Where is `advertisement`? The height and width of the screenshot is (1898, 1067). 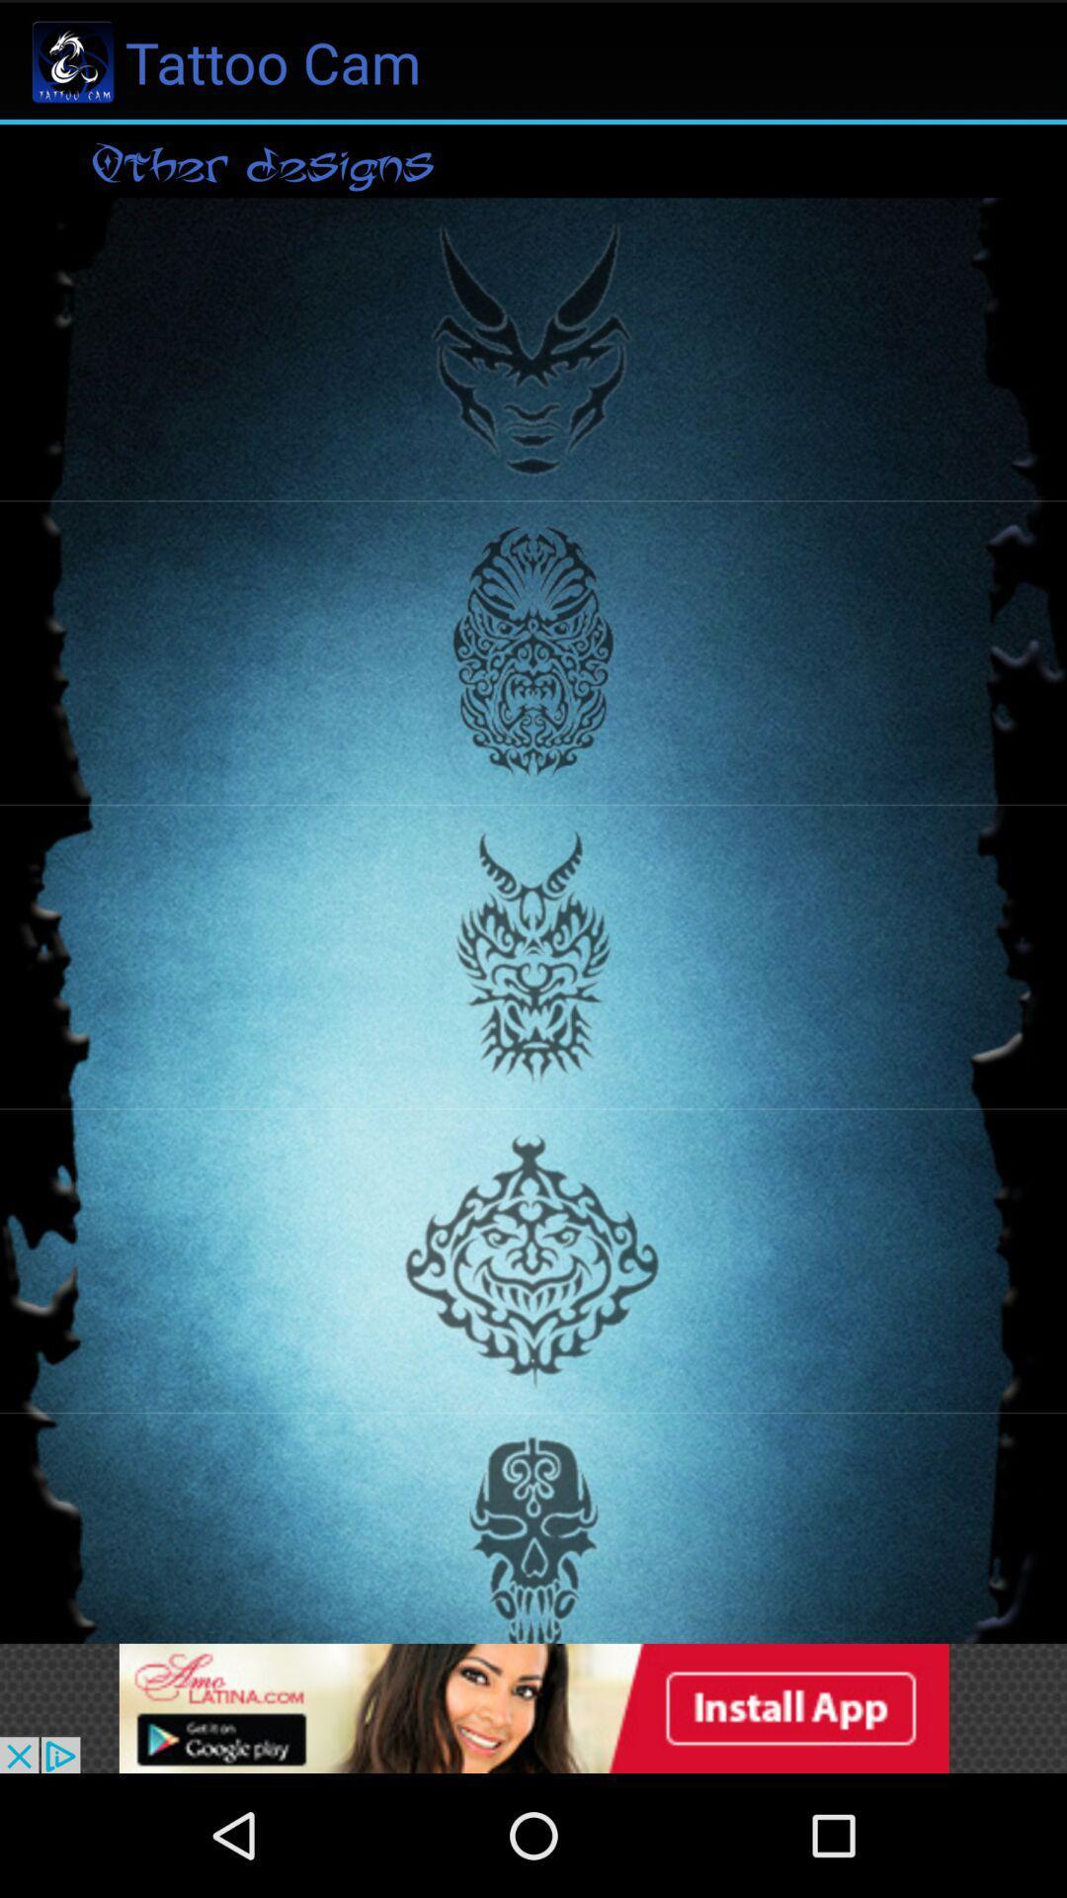 advertisement is located at coordinates (533, 1707).